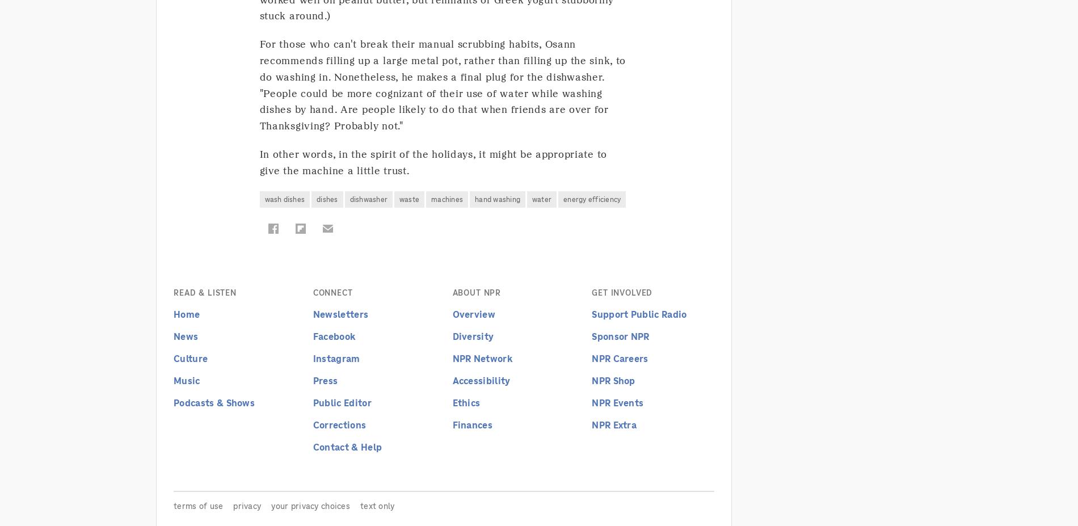 Image resolution: width=1078 pixels, height=526 pixels. I want to click on 'Music', so click(186, 380).